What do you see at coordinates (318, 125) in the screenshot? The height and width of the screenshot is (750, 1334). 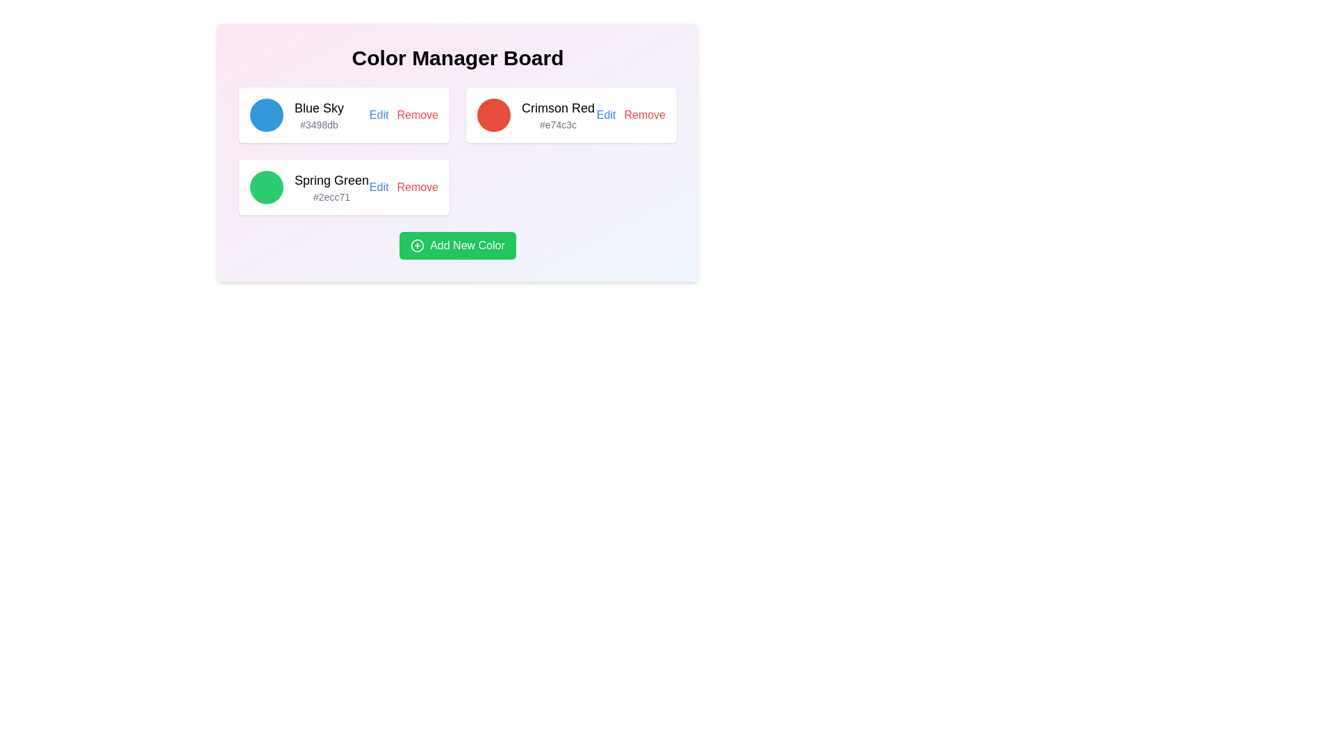 I see `the text label displaying '#3498db', which is styled in small gray font and located below the title 'Blue Sky' within the light card block` at bounding box center [318, 125].